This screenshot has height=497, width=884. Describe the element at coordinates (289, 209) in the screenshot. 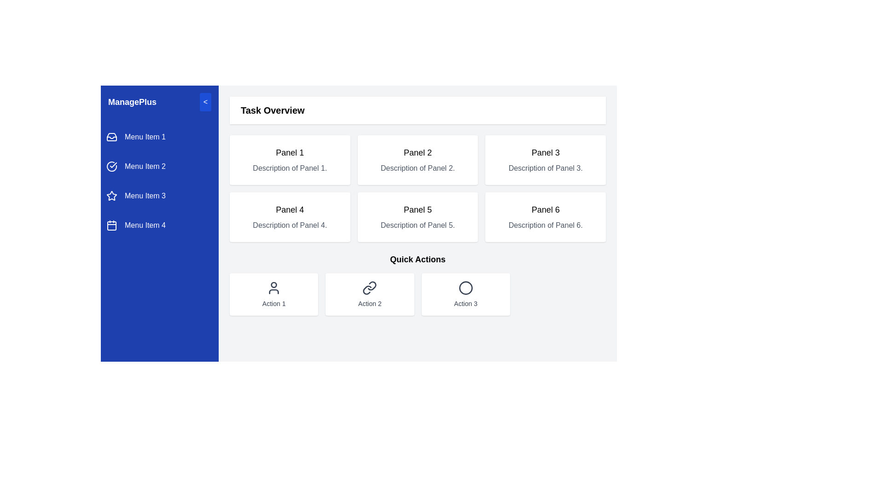

I see `text label that serves as a title for the card component located in the second row and first column of the grid layout, which displays 'Panel 4'` at that location.